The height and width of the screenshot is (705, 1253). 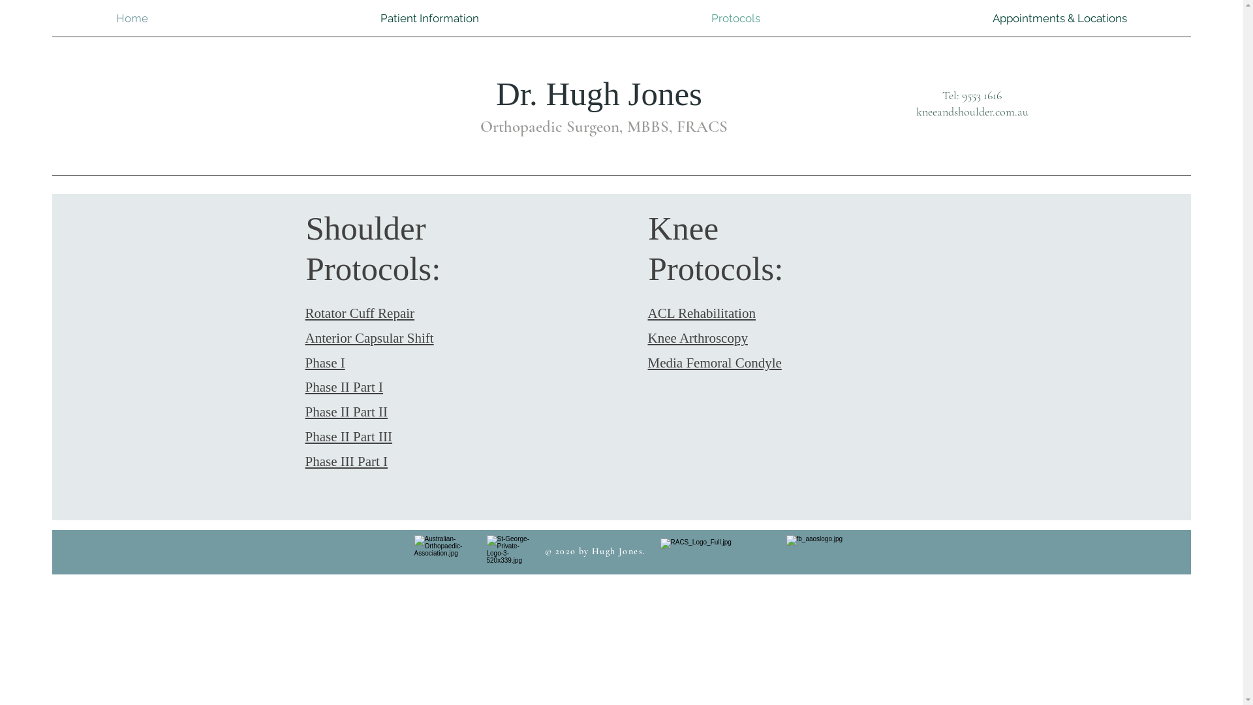 I want to click on 'Patient Information', so click(x=429, y=18).